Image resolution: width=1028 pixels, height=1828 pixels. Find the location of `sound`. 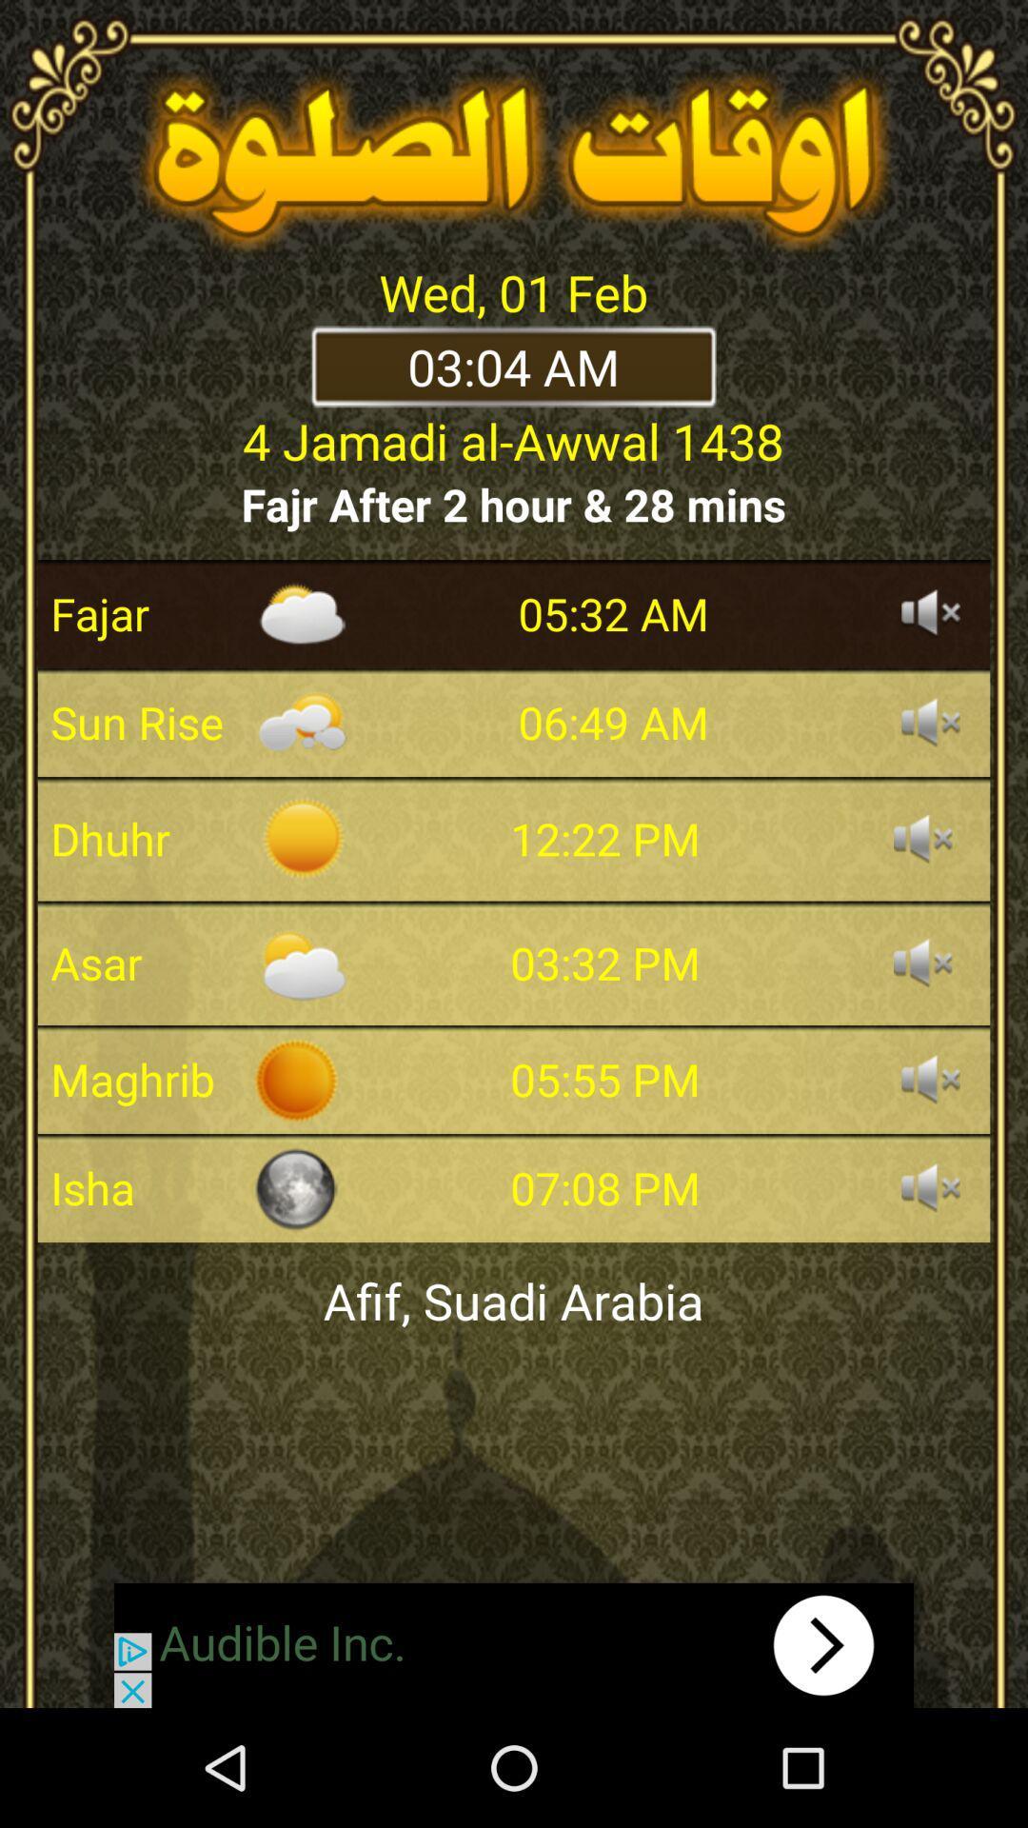

sound is located at coordinates (921, 838).